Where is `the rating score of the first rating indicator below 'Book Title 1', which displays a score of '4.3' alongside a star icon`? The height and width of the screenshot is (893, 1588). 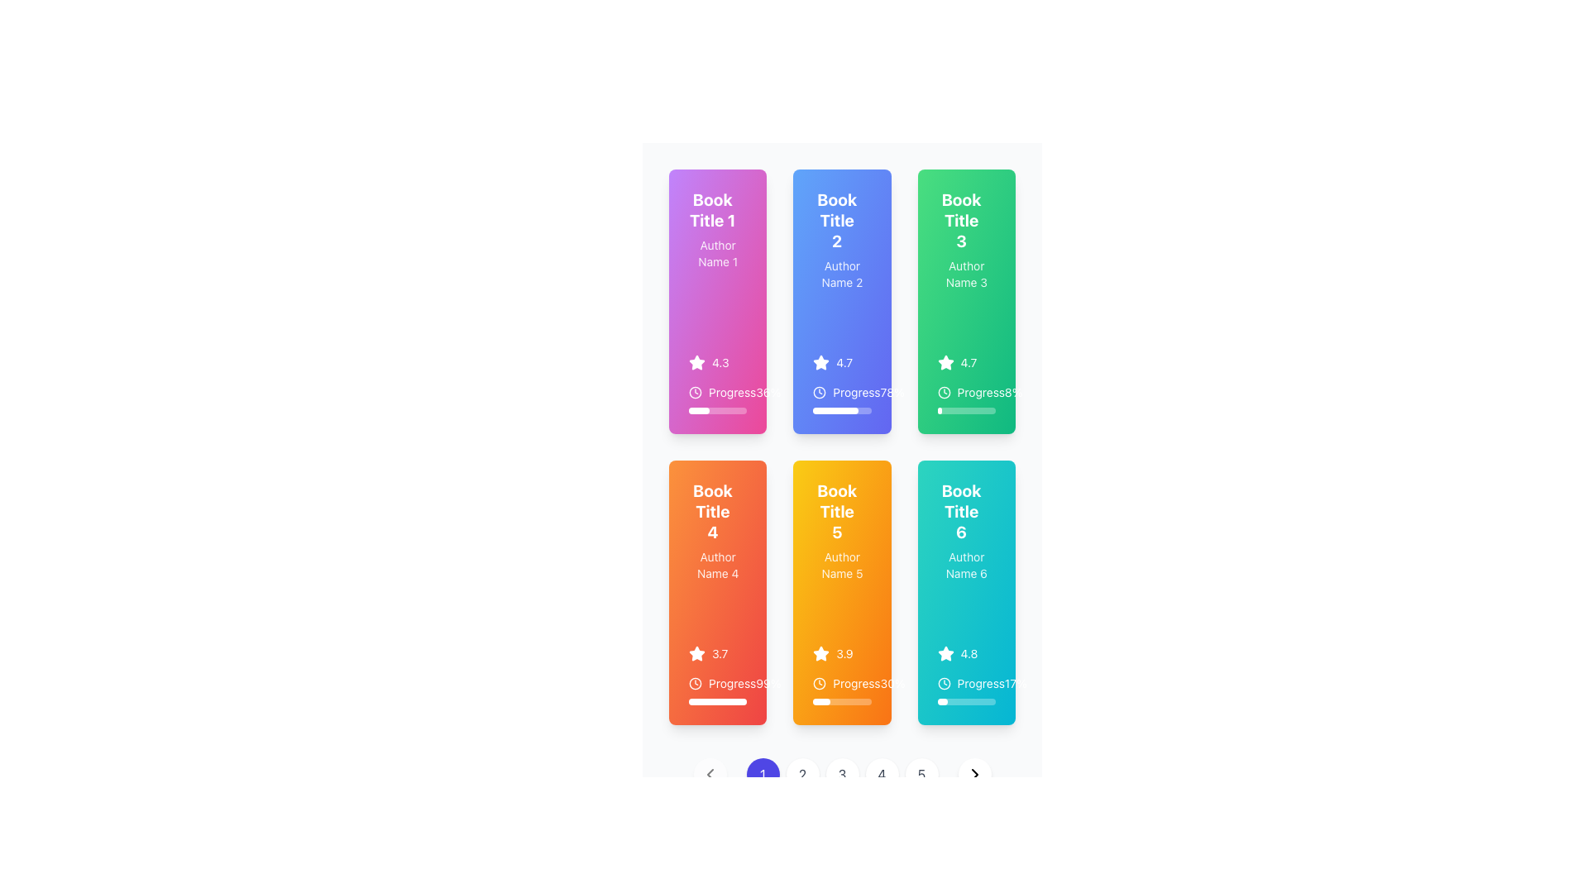
the rating score of the first rating indicator below 'Book Title 1', which displays a score of '4.3' alongside a star icon is located at coordinates (718, 362).